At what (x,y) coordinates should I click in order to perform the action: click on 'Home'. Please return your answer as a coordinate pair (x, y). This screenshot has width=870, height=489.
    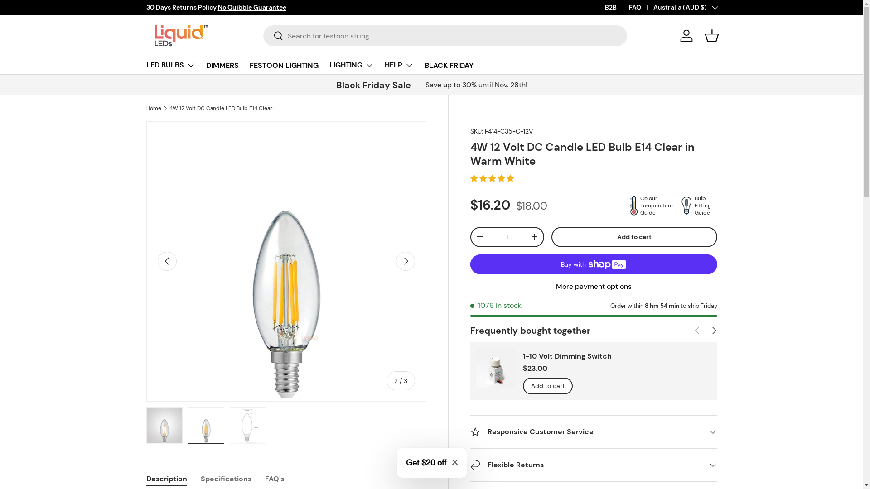
    Looking at the image, I should click on (145, 108).